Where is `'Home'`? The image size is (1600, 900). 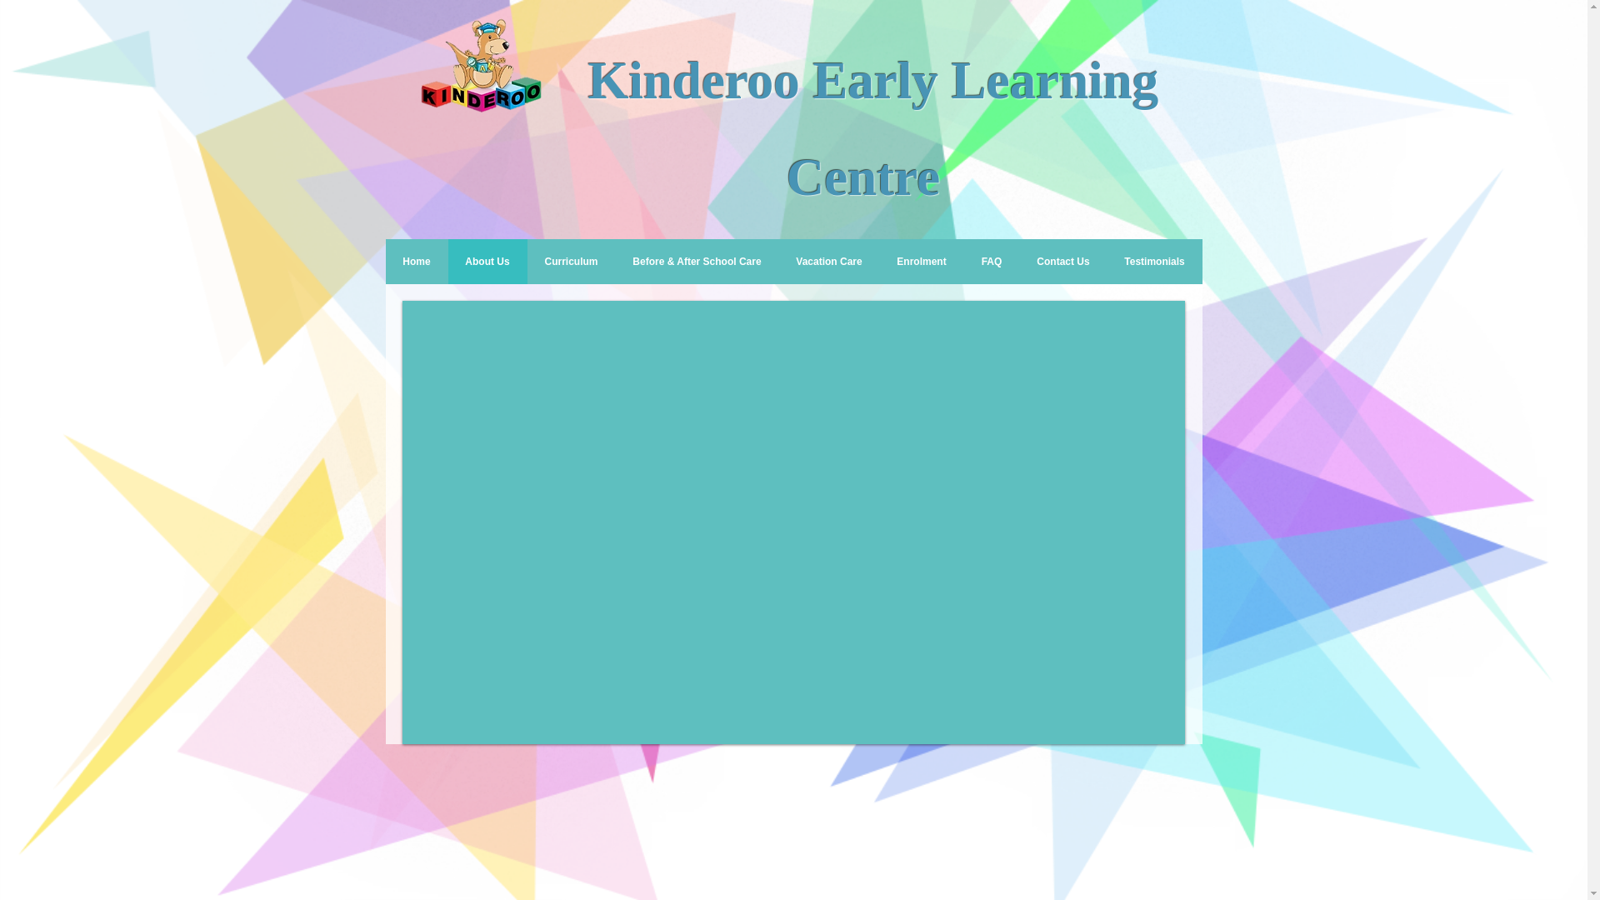 'Home' is located at coordinates (416, 261).